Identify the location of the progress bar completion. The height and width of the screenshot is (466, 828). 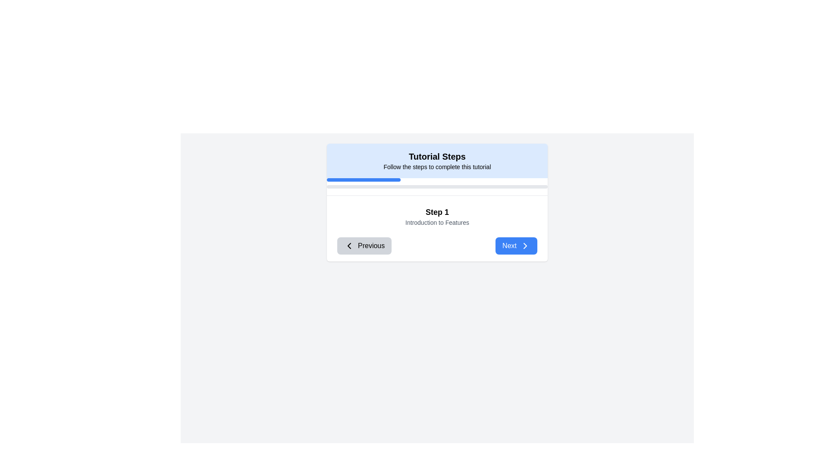
(397, 186).